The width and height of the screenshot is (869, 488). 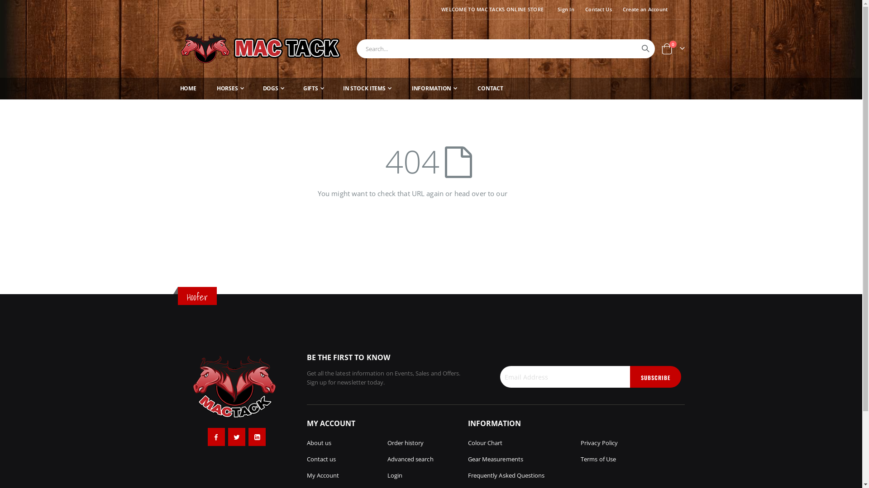 I want to click on 'Facebook', so click(x=207, y=436).